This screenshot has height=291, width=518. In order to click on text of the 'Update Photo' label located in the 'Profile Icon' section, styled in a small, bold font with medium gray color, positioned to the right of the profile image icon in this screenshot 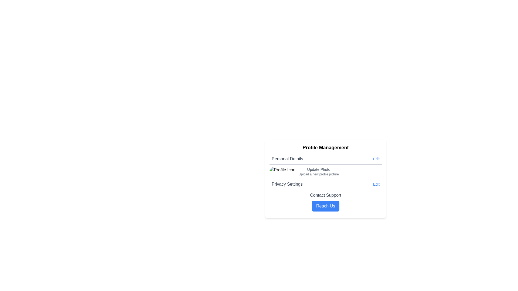, I will do `click(319, 169)`.